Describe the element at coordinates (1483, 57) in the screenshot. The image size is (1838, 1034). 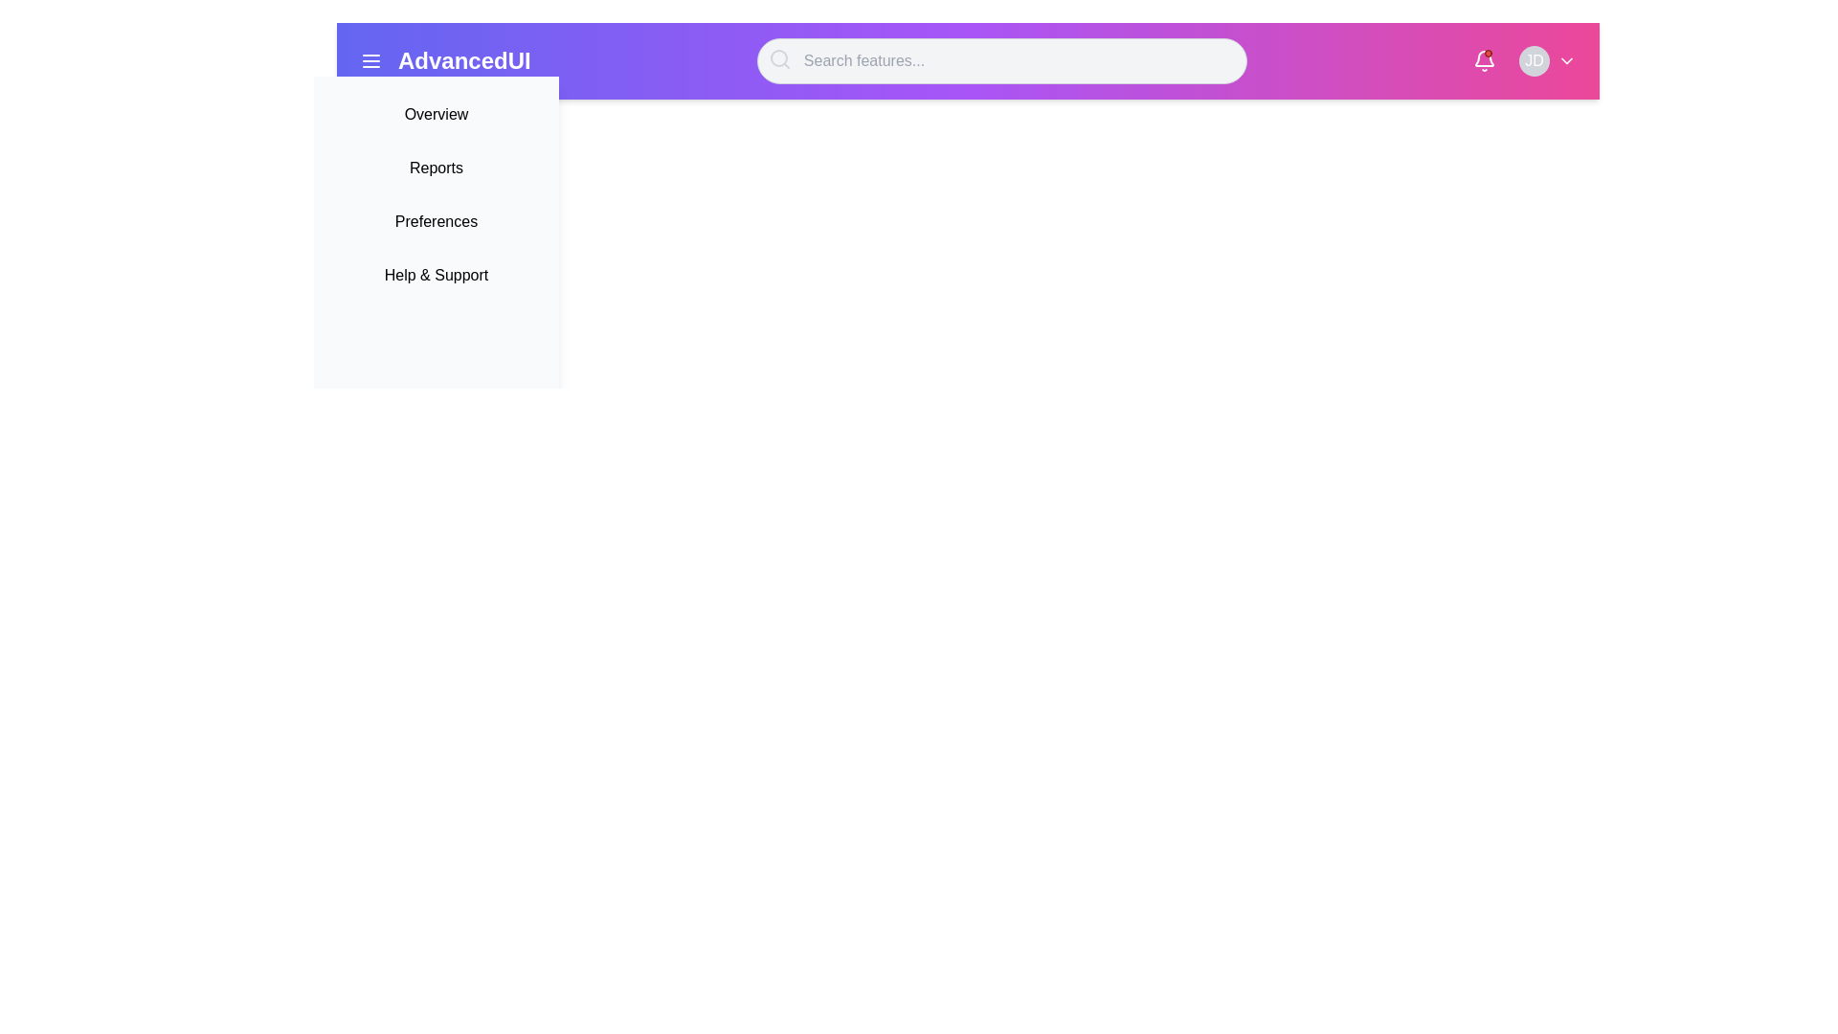
I see `the notification bell icon located in the upper-right corner of the interface for keyboard navigation` at that location.